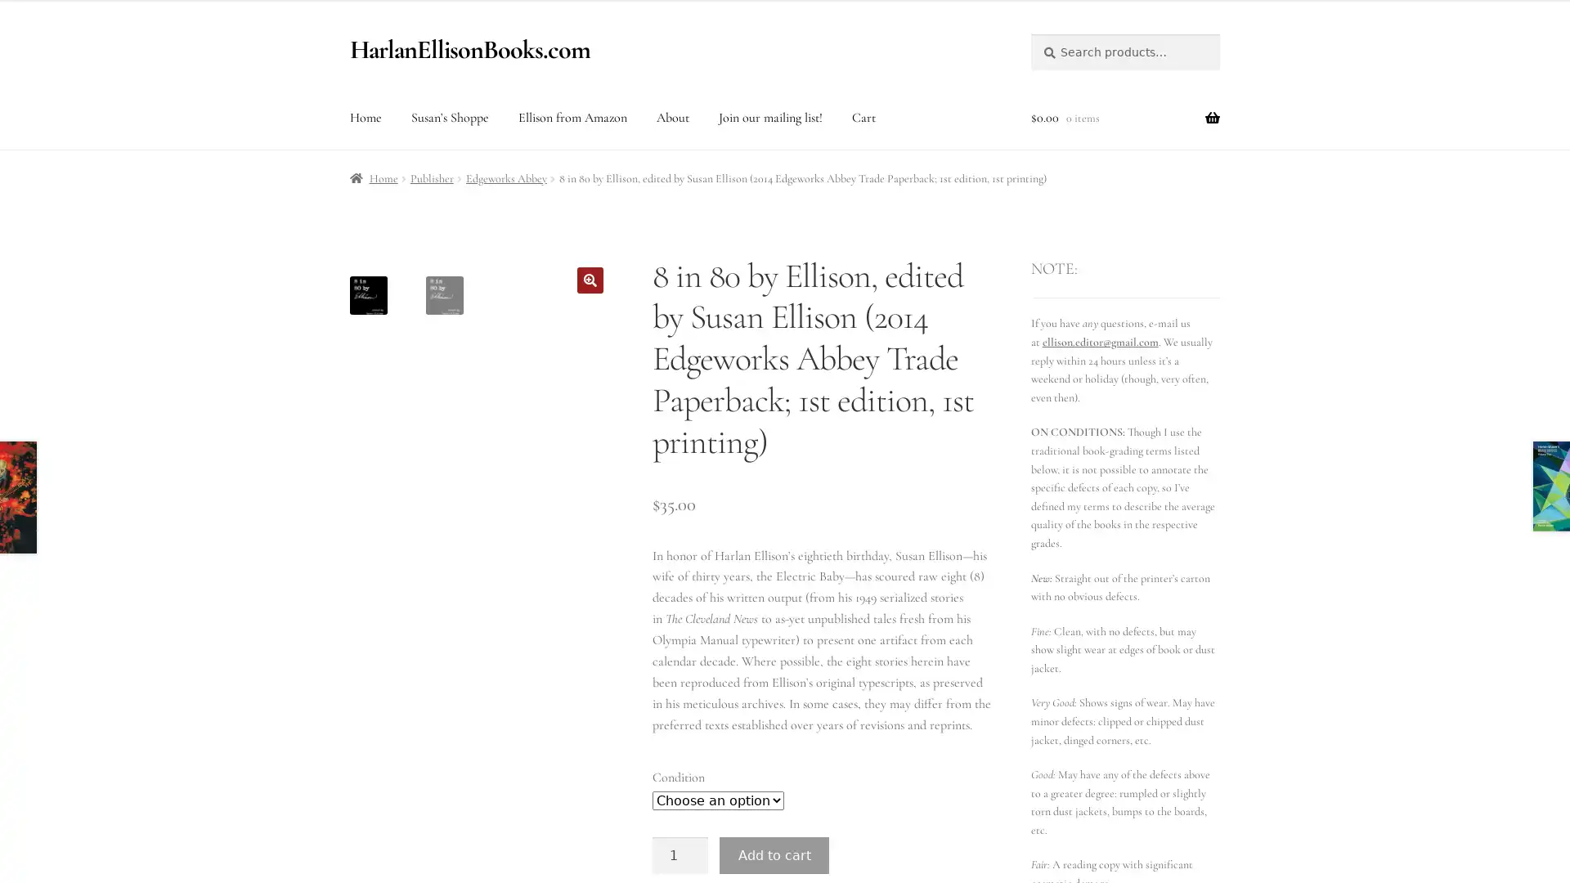  What do you see at coordinates (1029, 33) in the screenshot?
I see `Search` at bounding box center [1029, 33].